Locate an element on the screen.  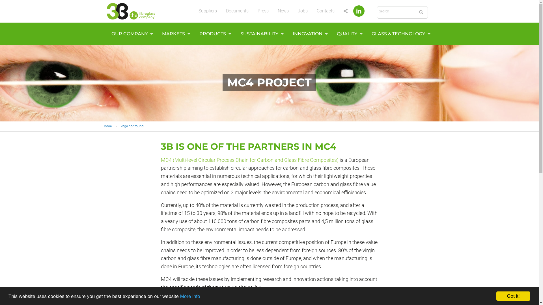
'Suppliers' is located at coordinates (207, 11).